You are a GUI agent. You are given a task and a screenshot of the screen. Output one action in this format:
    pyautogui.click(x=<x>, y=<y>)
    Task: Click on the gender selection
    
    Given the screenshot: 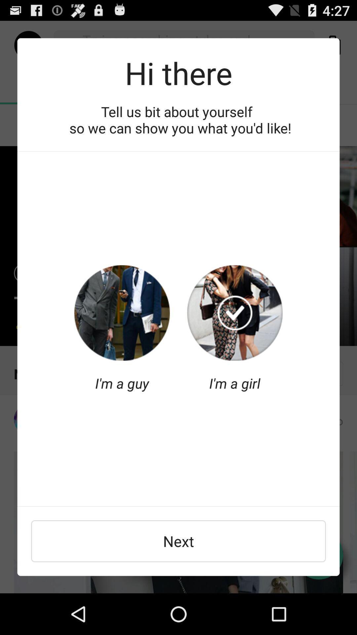 What is the action you would take?
    pyautogui.click(x=234, y=313)
    